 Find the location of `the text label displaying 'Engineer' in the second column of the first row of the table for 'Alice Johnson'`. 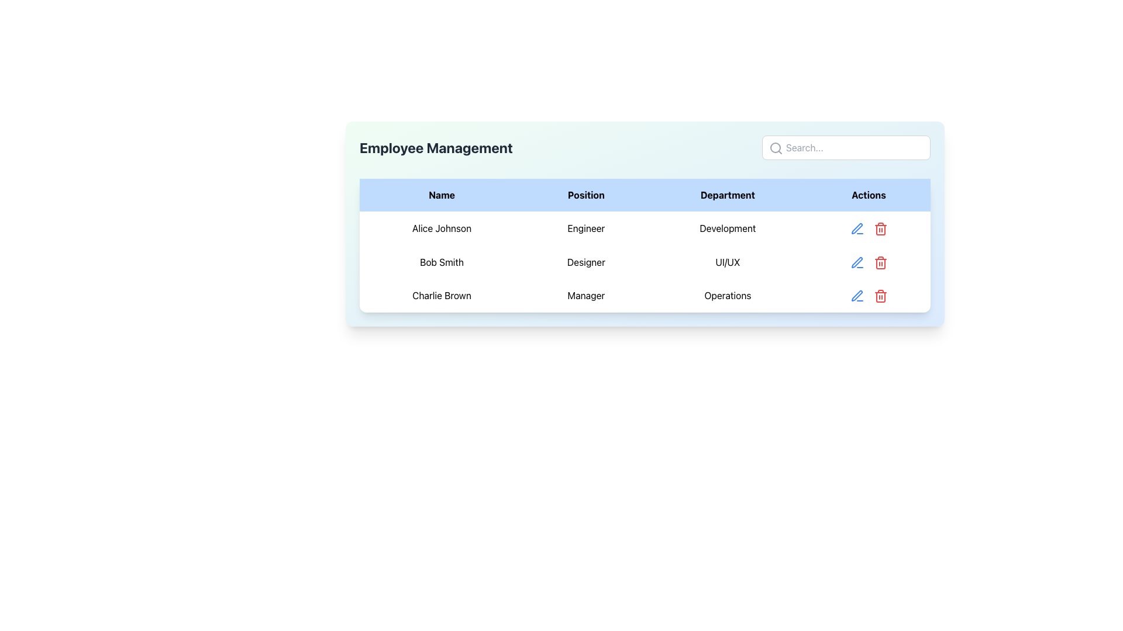

the text label displaying 'Engineer' in the second column of the first row of the table for 'Alice Johnson' is located at coordinates (586, 228).